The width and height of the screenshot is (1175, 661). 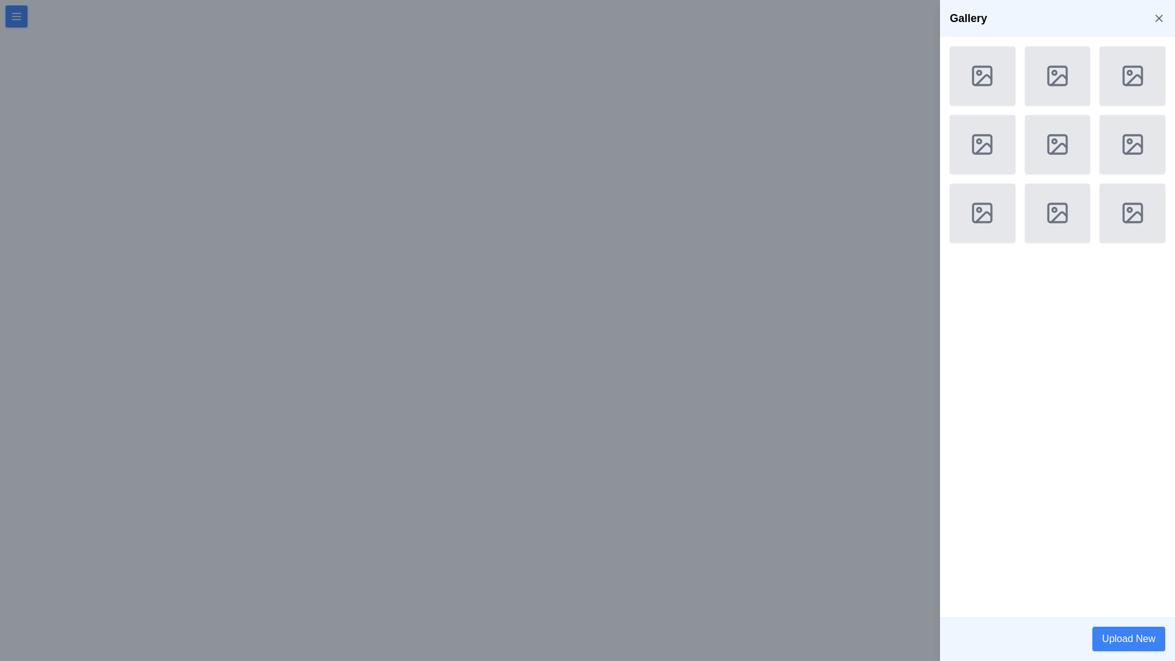 What do you see at coordinates (982, 212) in the screenshot?
I see `the icon located in the bottom row, second column of a 3x3 grid within a panel on the right side of the interface, which serves as a decorative or functional representation of an image placeholder` at bounding box center [982, 212].